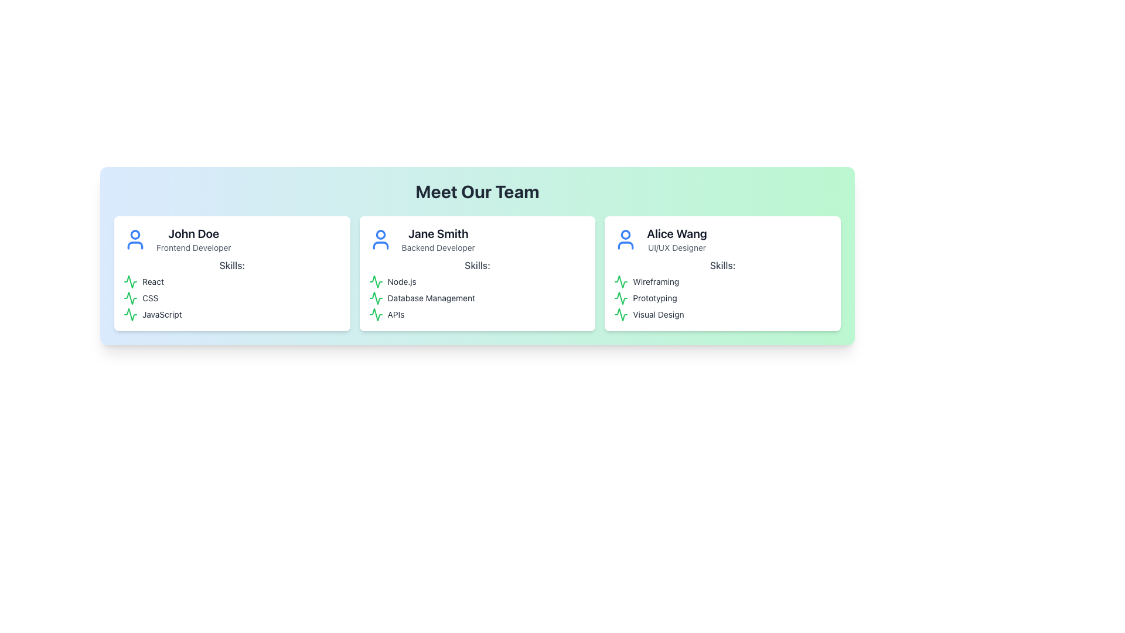 The height and width of the screenshot is (633, 1125). Describe the element at coordinates (438, 239) in the screenshot. I see `the second profile card in the 'Meet Our Team' section that displays the name and designation of Jane Smith` at that location.